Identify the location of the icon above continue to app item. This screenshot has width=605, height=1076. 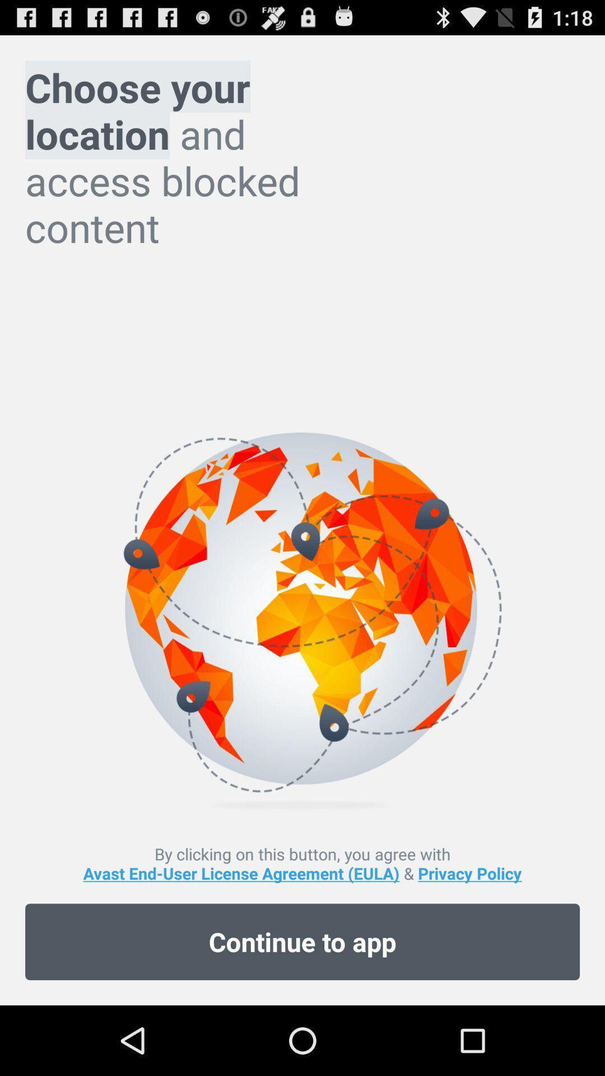
(302, 862).